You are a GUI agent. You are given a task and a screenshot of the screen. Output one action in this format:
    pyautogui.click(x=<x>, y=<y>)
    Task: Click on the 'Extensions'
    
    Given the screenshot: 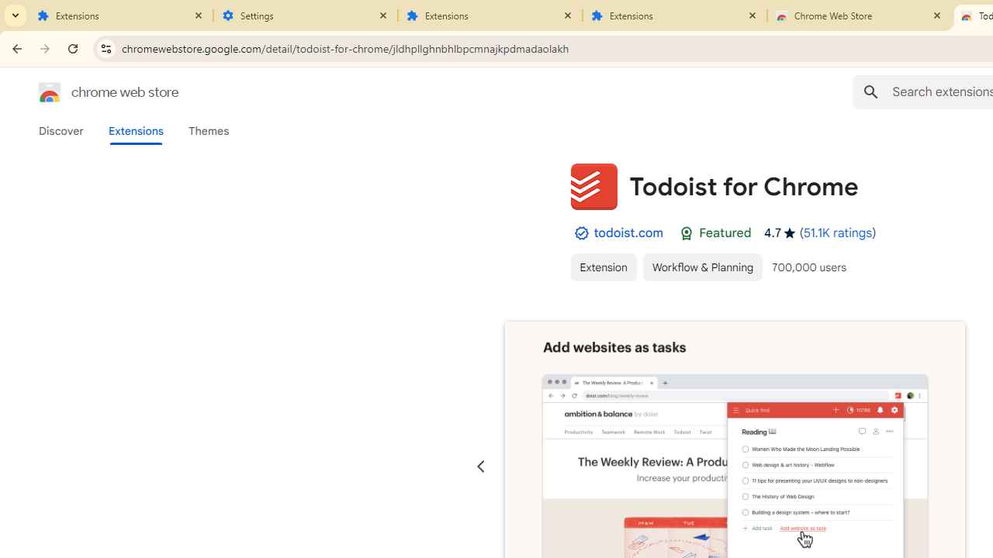 What is the action you would take?
    pyautogui.click(x=120, y=15)
    